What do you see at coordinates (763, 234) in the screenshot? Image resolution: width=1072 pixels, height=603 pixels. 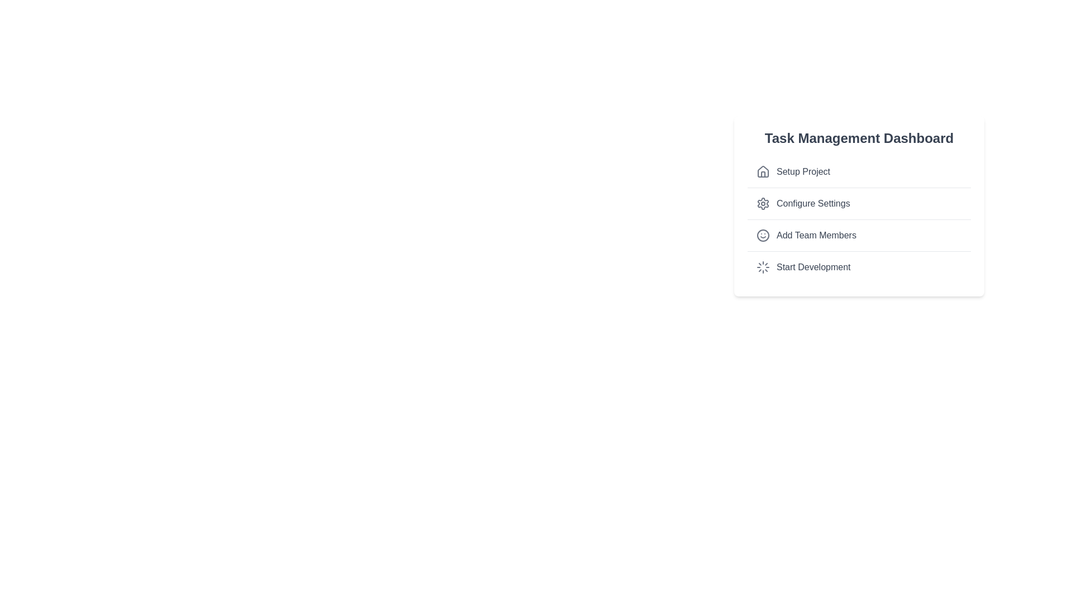 I see `the circular shape within the smiling face icon, which is the third item in the vertical list of icons in the 'Task Management Dashboard', representing the 'Add Team Members' option` at bounding box center [763, 234].